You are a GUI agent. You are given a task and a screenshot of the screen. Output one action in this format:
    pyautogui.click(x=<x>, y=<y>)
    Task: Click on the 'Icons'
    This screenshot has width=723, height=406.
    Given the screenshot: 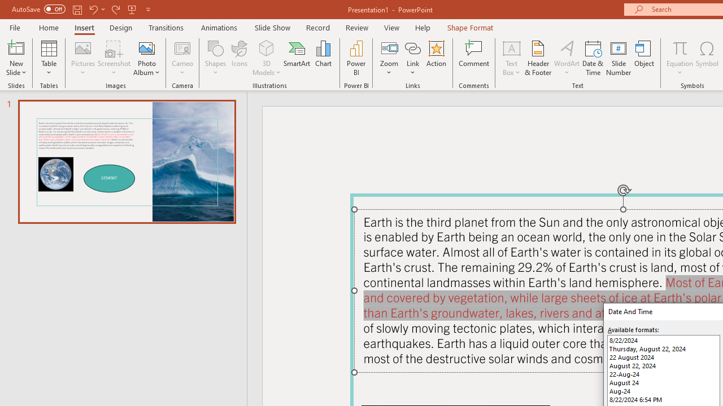 What is the action you would take?
    pyautogui.click(x=239, y=58)
    